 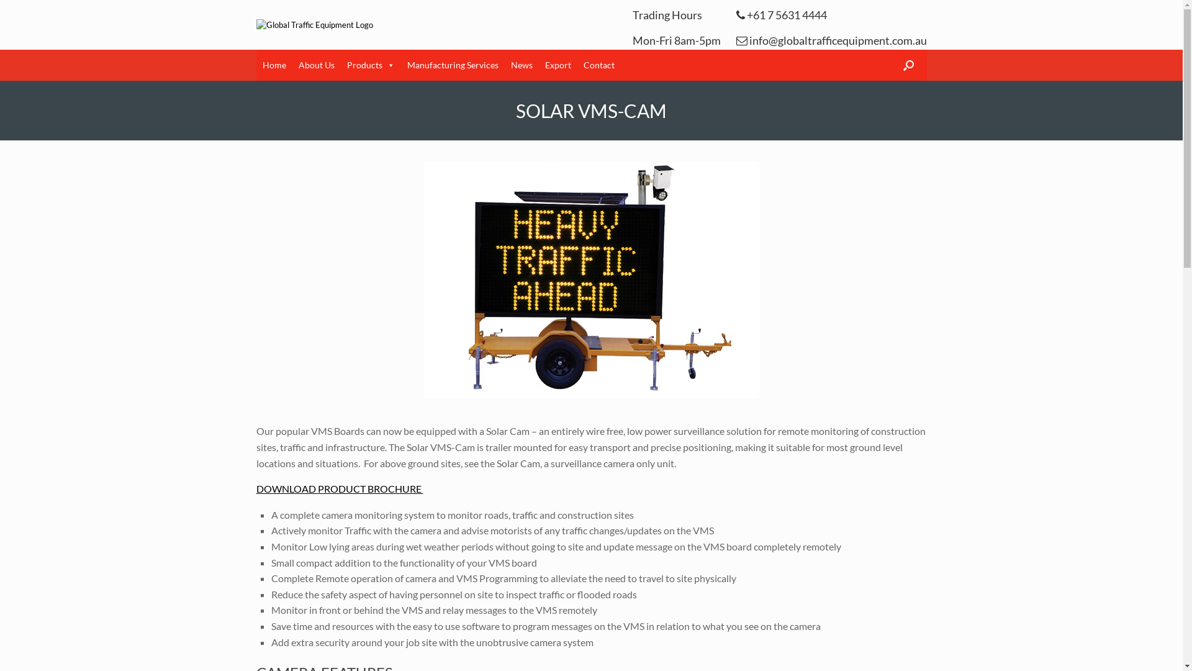 I want to click on 'About Us', so click(x=315, y=65).